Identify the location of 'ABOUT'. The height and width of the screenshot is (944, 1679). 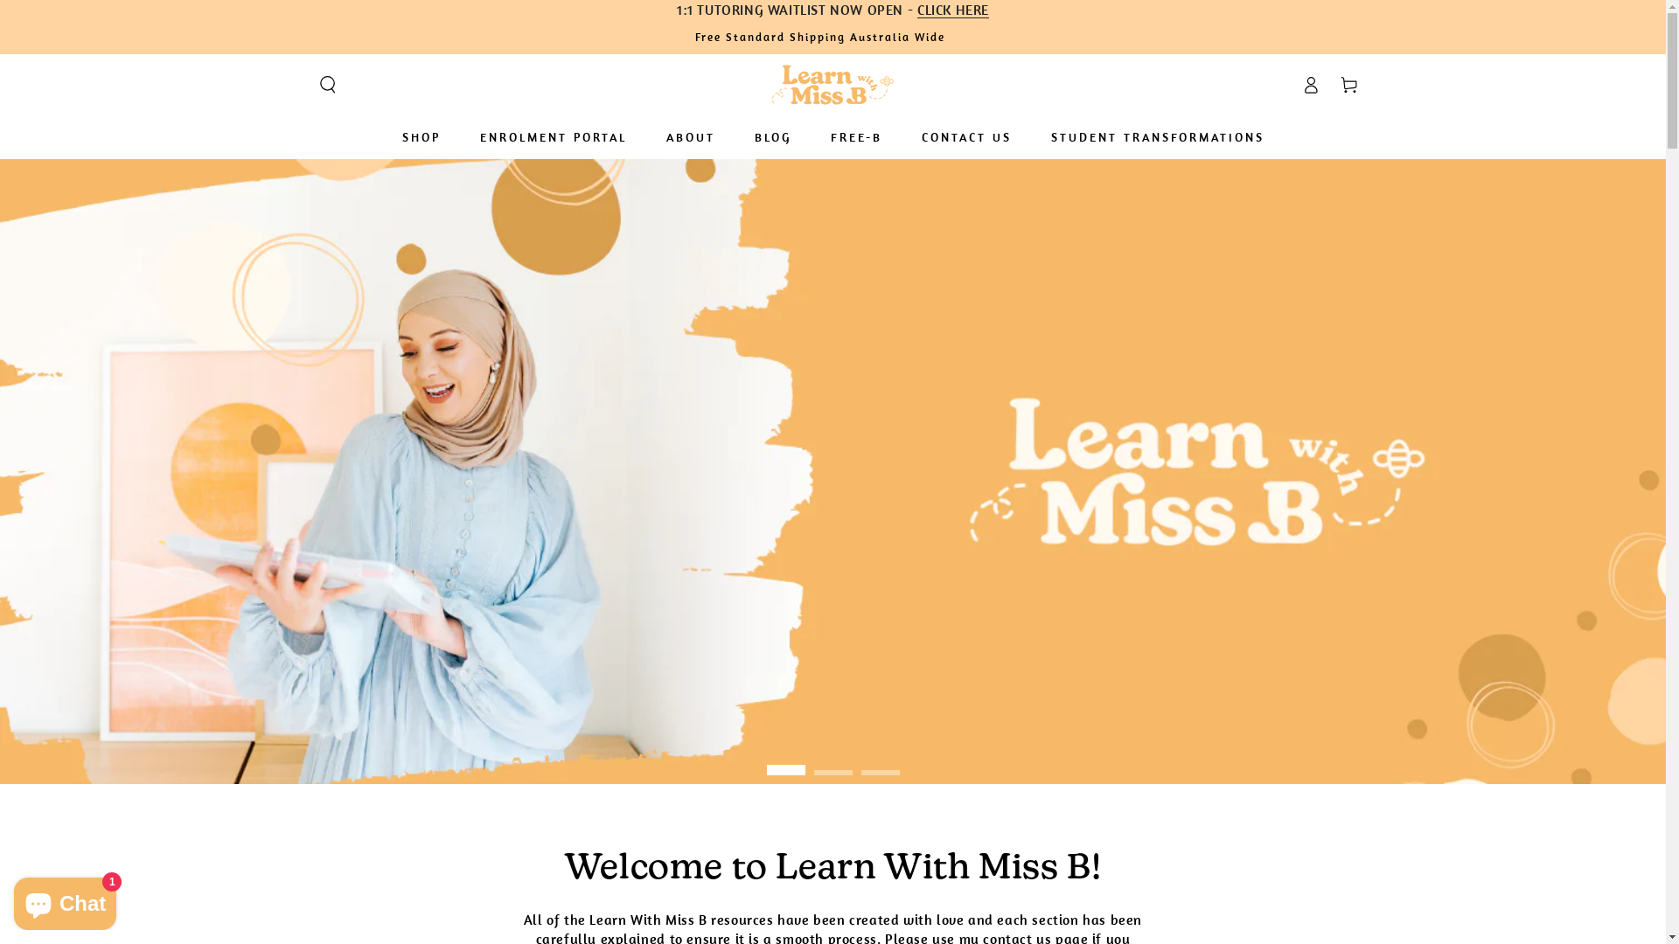
(688, 136).